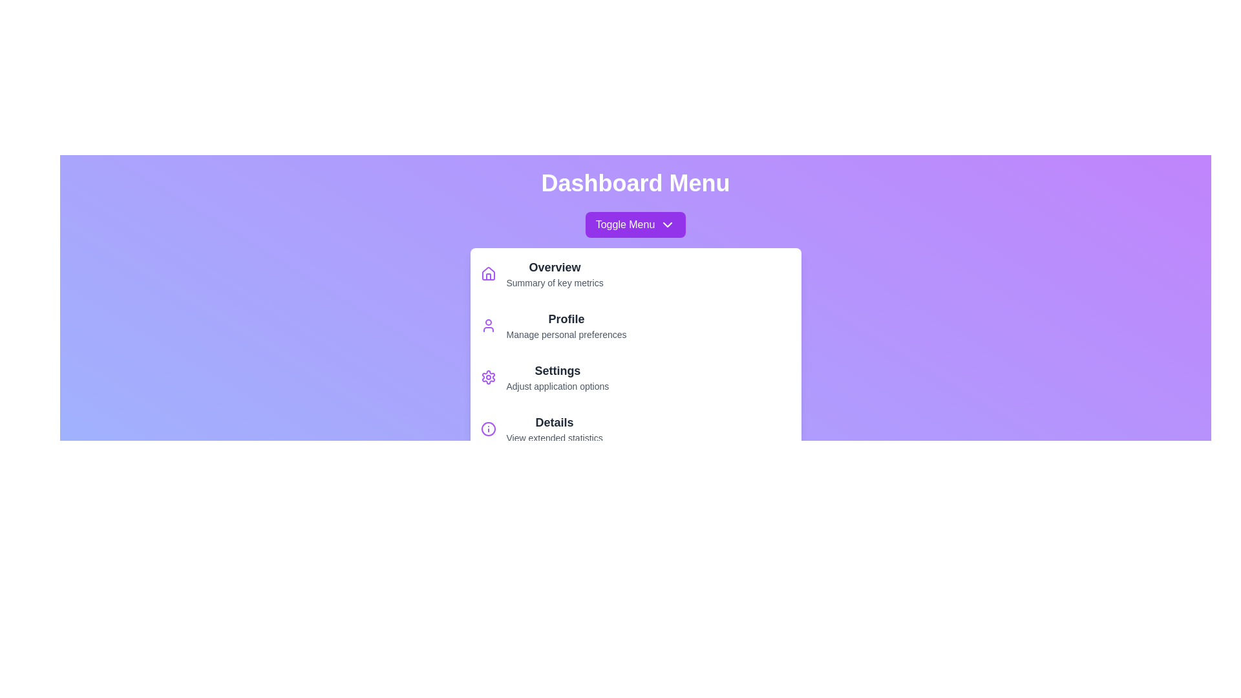  Describe the element at coordinates (635, 428) in the screenshot. I see `the menu item labeled Details to highlight it` at that location.